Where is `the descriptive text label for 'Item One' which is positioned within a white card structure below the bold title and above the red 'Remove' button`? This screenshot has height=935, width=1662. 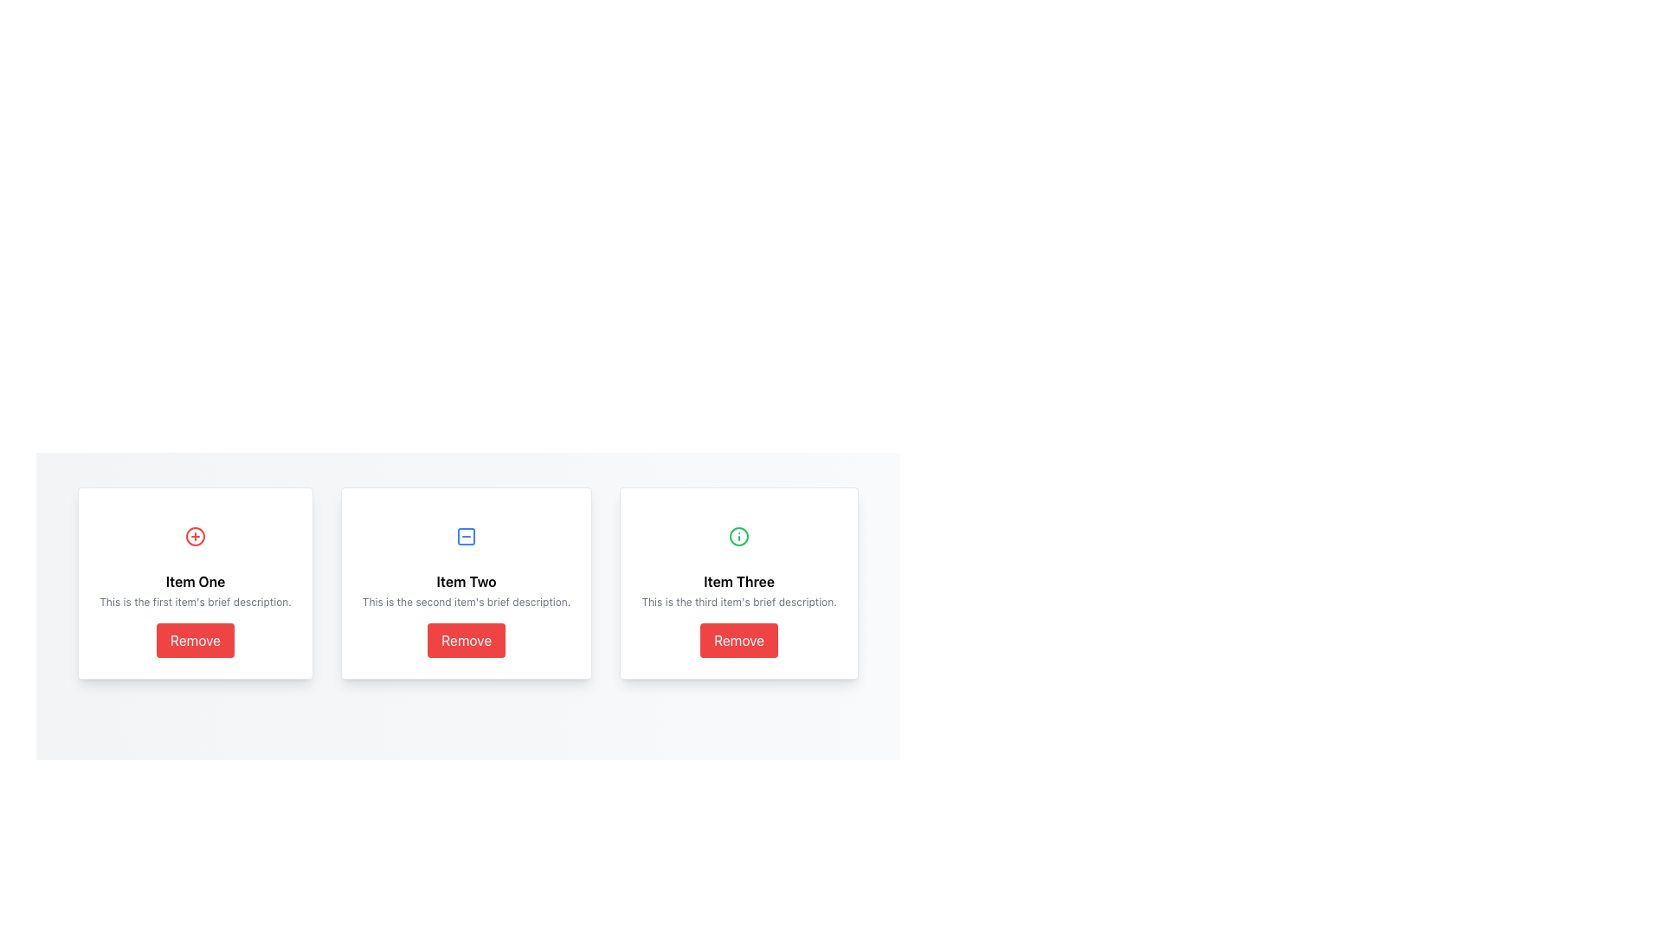 the descriptive text label for 'Item One' which is positioned within a white card structure below the bold title and above the red 'Remove' button is located at coordinates (195, 601).